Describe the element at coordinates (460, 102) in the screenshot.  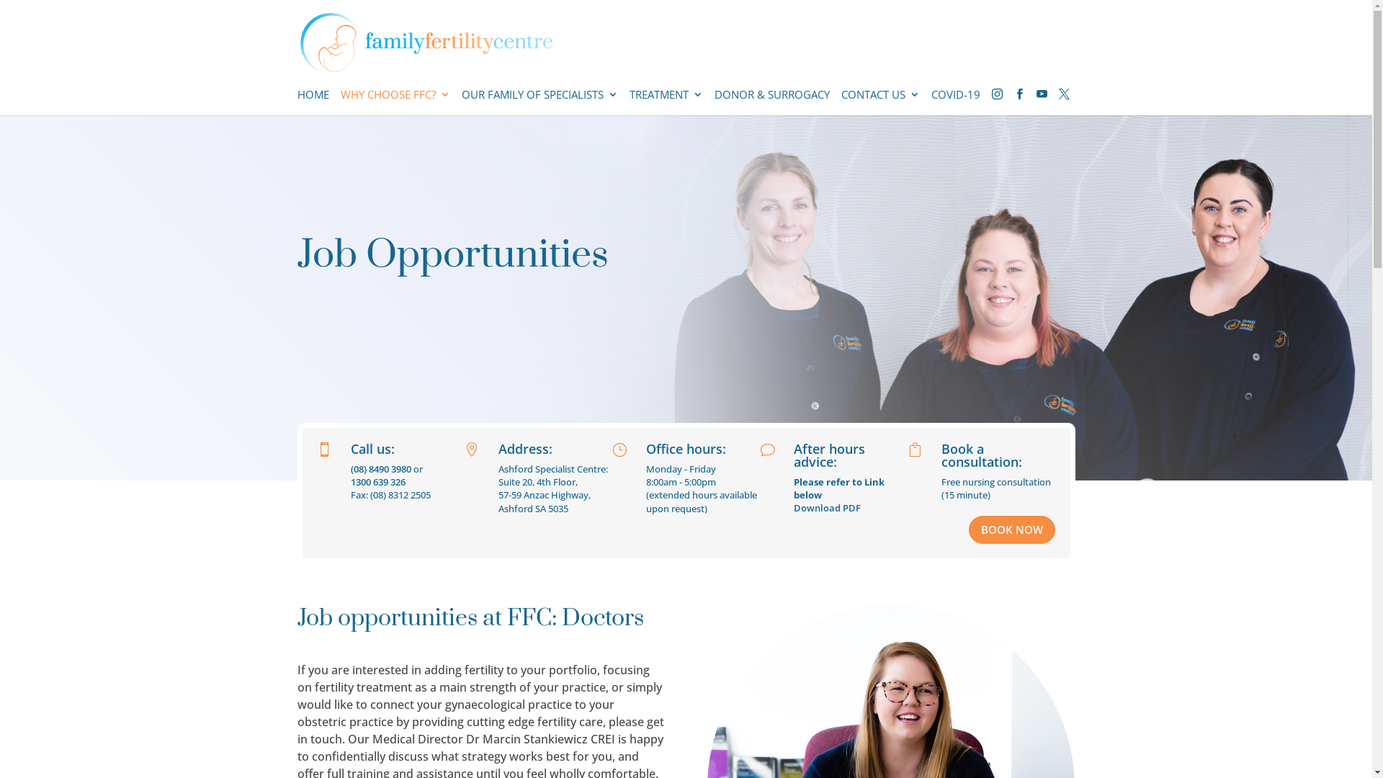
I see `'OUR FAMILY OF SPECIALISTS'` at that location.